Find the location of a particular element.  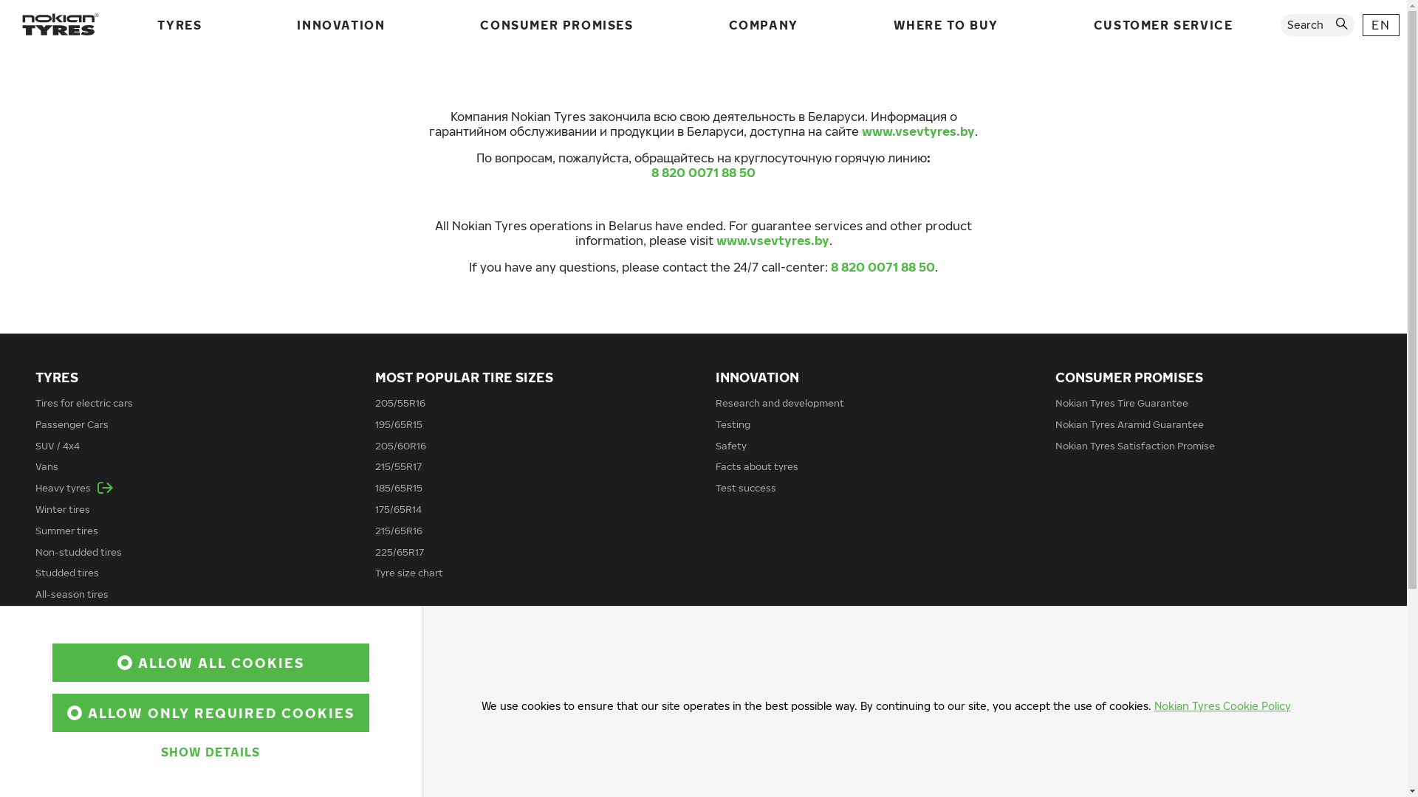

'Testing' is located at coordinates (732, 424).